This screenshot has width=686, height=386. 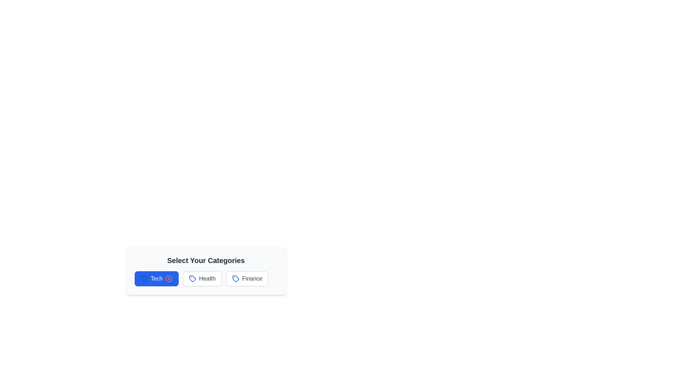 What do you see at coordinates (247, 278) in the screenshot?
I see `the category Finance to visualize its hover effect` at bounding box center [247, 278].